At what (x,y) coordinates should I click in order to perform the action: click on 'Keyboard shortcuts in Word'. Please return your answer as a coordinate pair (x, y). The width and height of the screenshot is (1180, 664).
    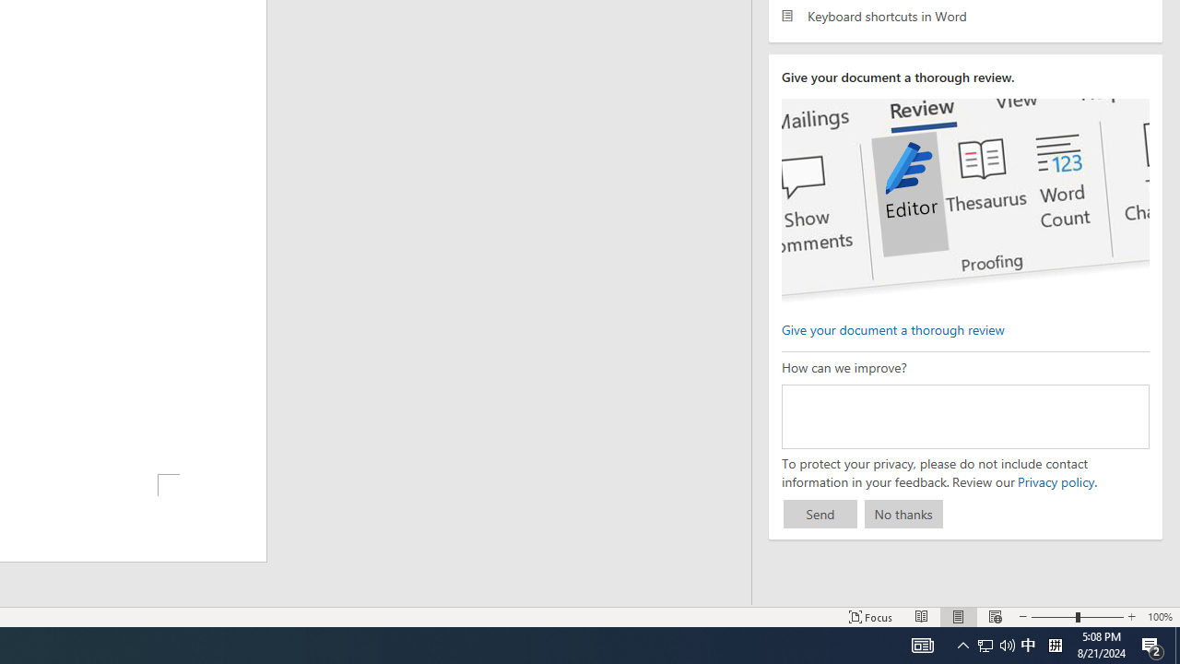
    Looking at the image, I should click on (964, 16).